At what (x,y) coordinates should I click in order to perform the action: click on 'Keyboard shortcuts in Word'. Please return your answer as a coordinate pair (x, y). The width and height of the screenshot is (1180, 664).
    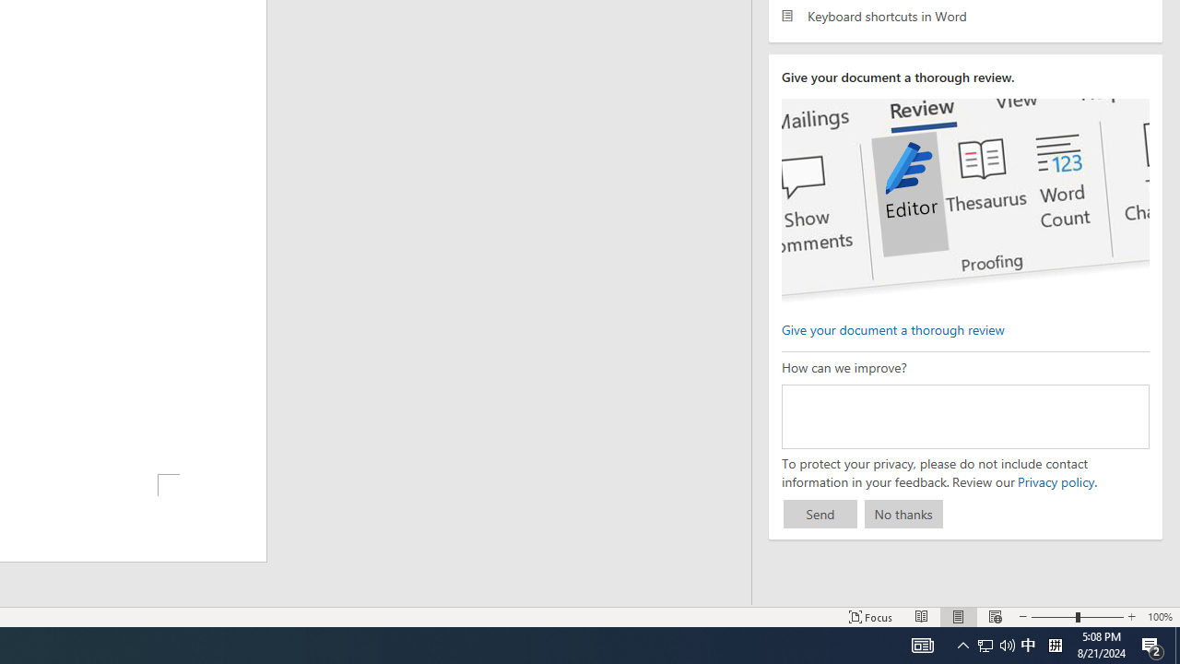
    Looking at the image, I should click on (964, 16).